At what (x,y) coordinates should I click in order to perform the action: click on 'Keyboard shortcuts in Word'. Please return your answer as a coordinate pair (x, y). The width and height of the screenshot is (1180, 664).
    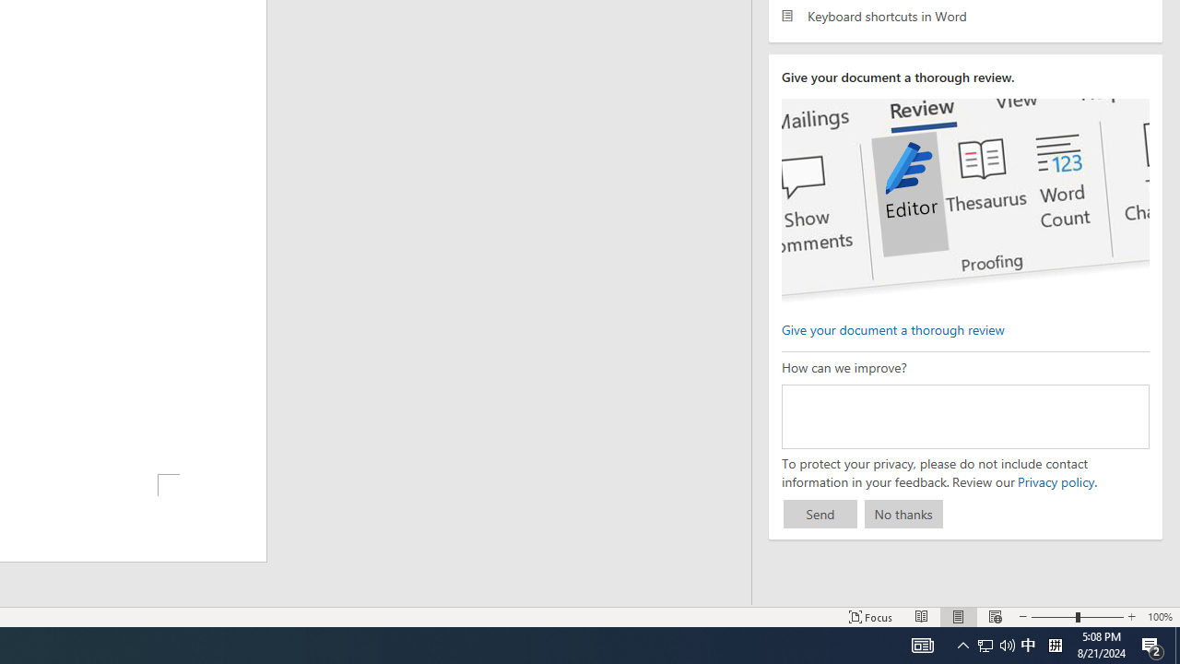
    Looking at the image, I should click on (964, 16).